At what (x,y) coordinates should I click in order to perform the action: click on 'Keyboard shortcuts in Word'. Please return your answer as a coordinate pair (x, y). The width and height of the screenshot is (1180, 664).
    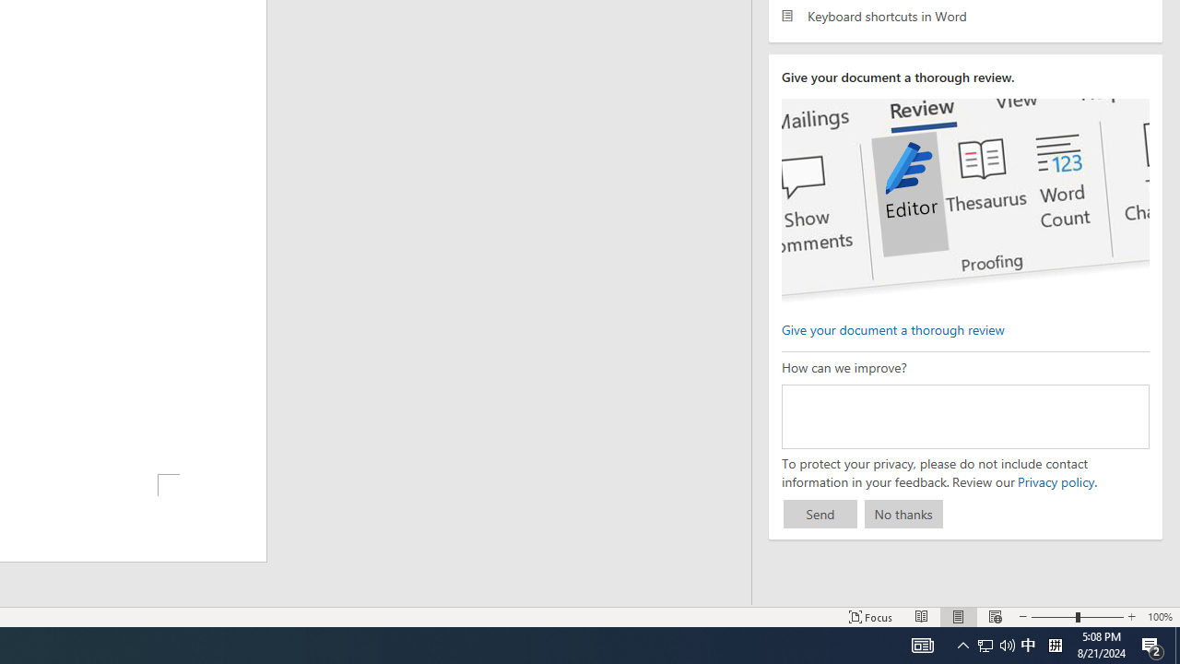
    Looking at the image, I should click on (964, 16).